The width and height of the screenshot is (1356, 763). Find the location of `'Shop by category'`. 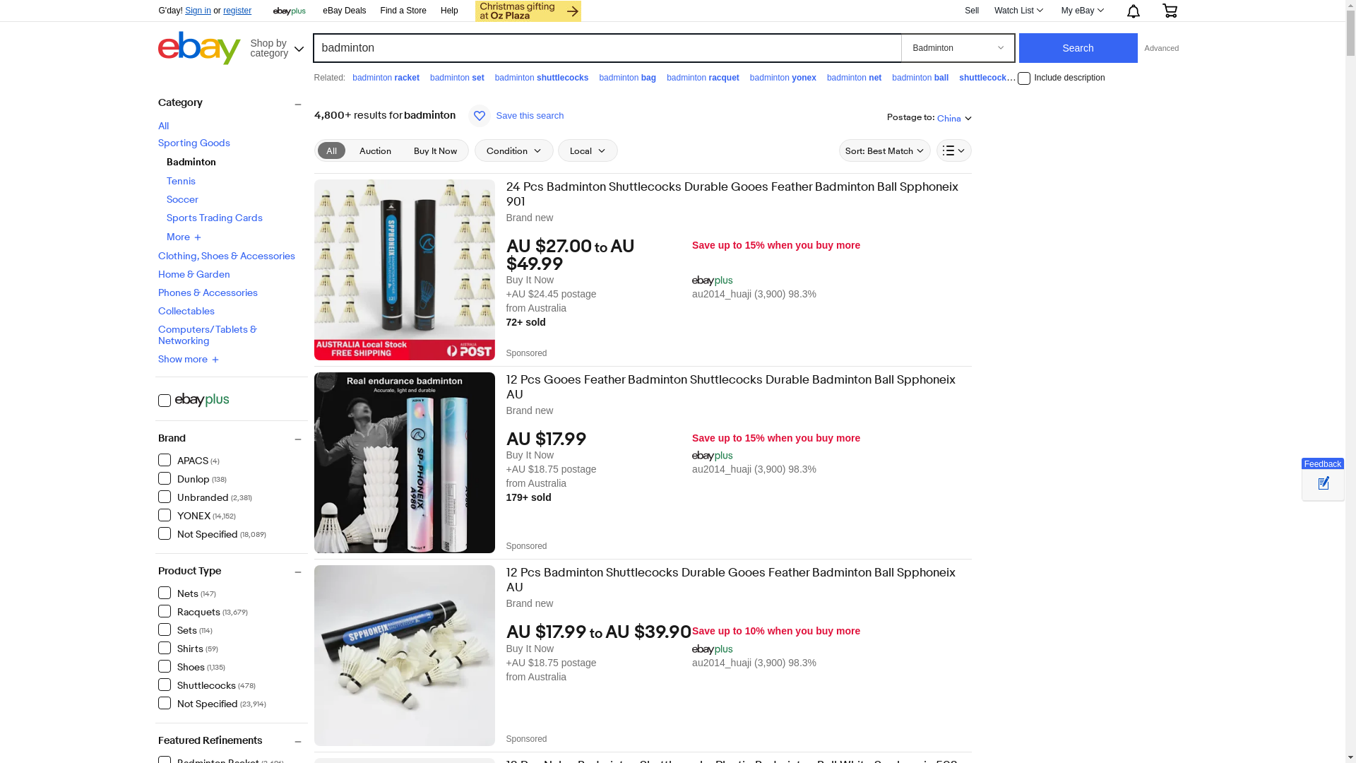

'Shop by category' is located at coordinates (275, 45).